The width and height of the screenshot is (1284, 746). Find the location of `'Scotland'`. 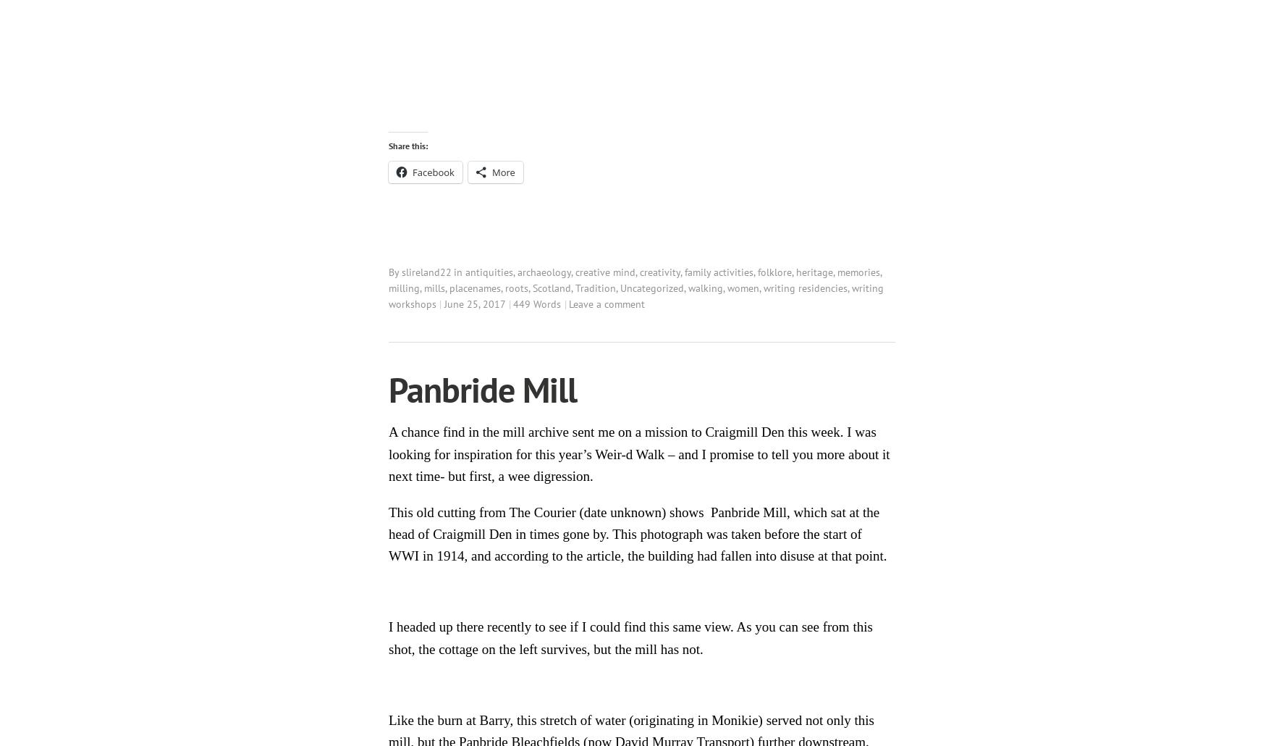

'Scotland' is located at coordinates (551, 288).